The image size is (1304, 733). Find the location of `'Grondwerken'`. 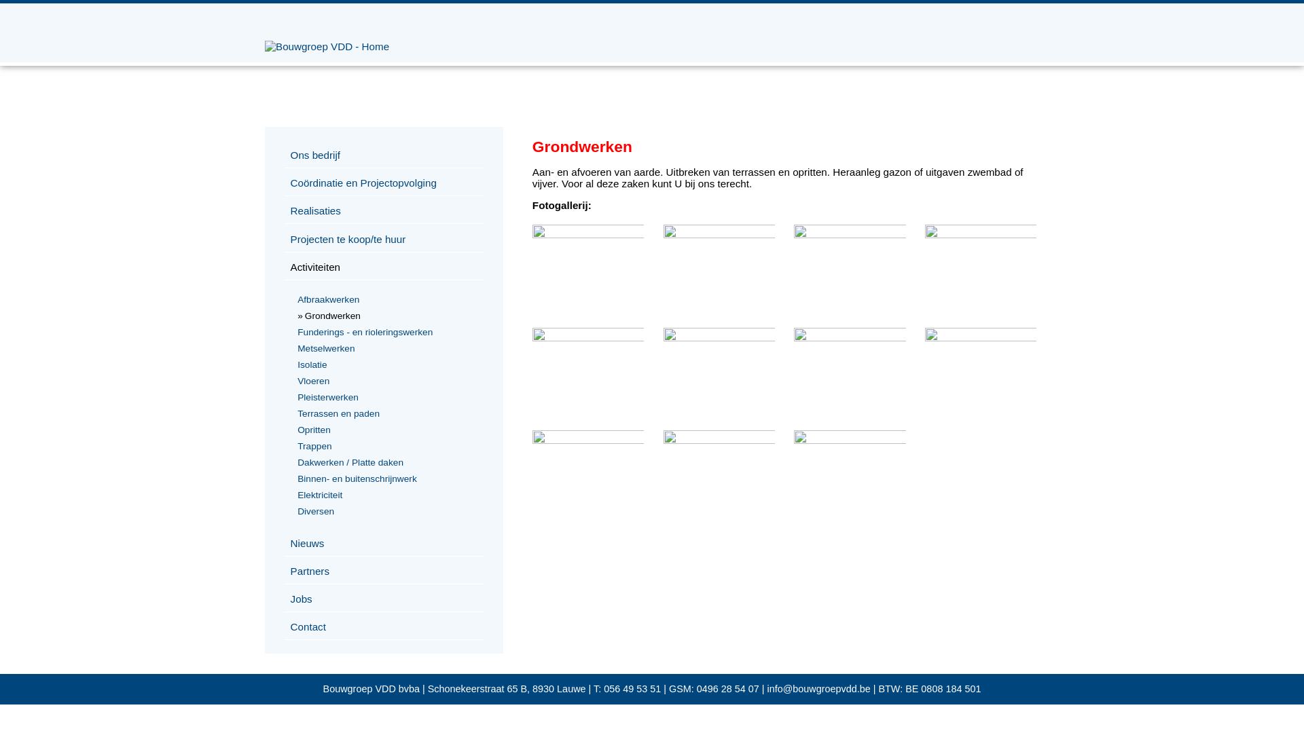

'Grondwerken' is located at coordinates (981, 337).